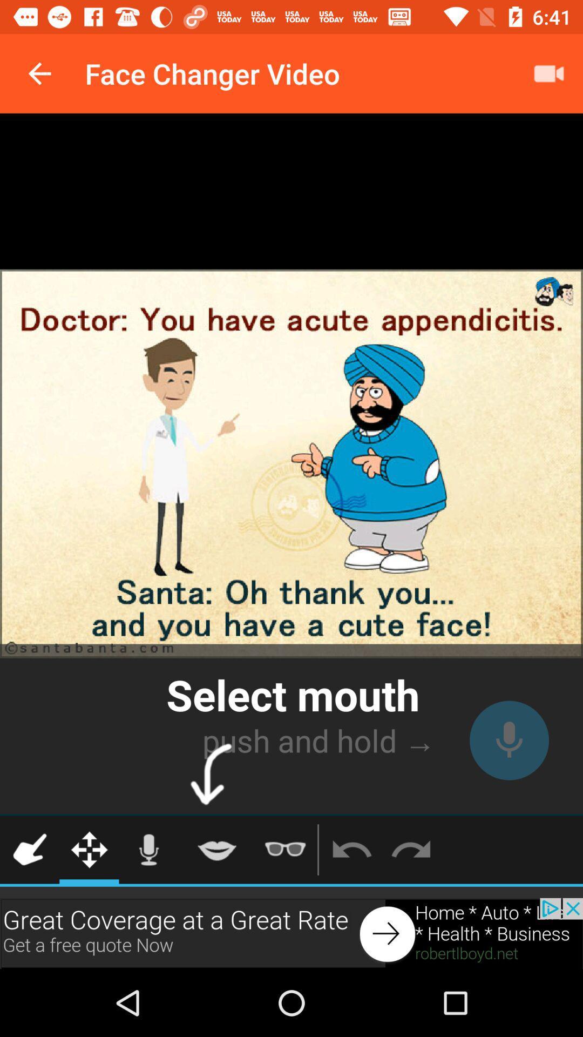 Image resolution: width=583 pixels, height=1037 pixels. What do you see at coordinates (291, 933) in the screenshot?
I see `advertisement page` at bounding box center [291, 933].